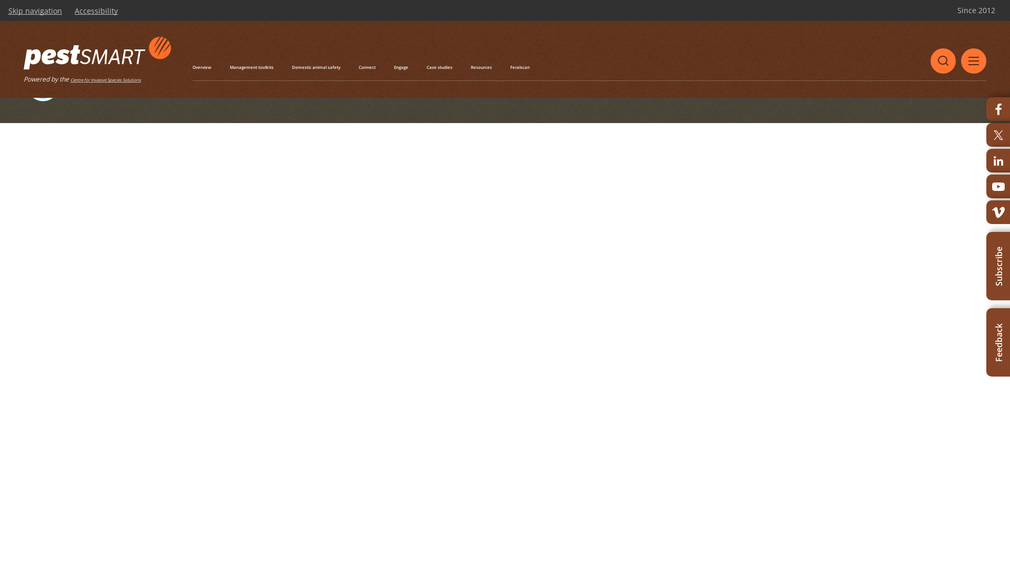 This screenshot has height=568, width=1010. I want to click on 'Accessibility', so click(96, 11).